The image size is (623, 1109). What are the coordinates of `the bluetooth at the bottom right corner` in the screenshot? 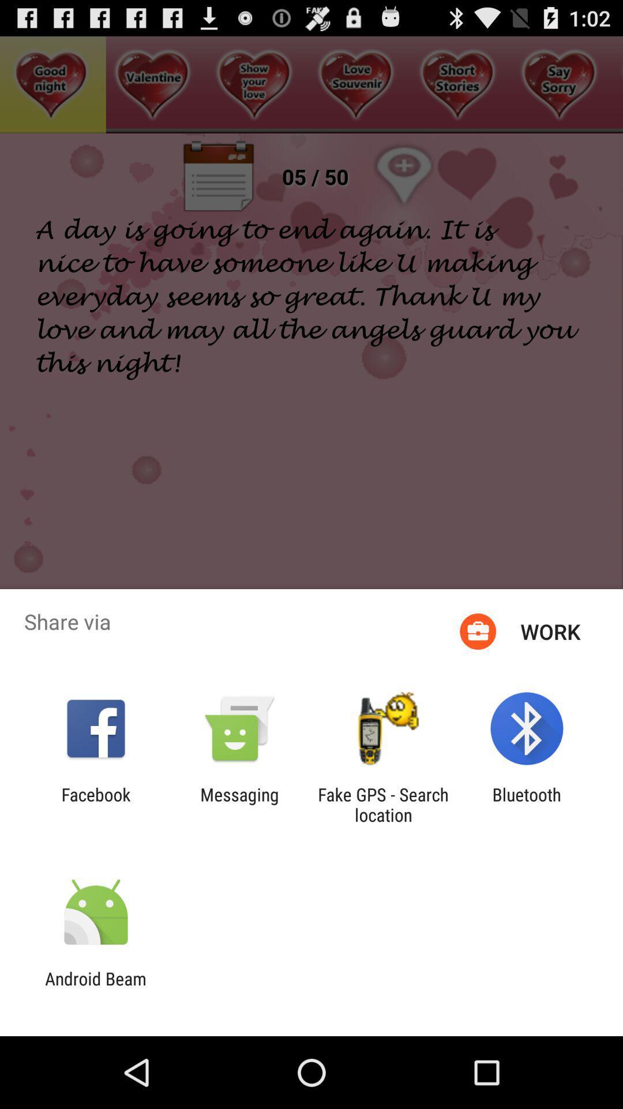 It's located at (527, 804).